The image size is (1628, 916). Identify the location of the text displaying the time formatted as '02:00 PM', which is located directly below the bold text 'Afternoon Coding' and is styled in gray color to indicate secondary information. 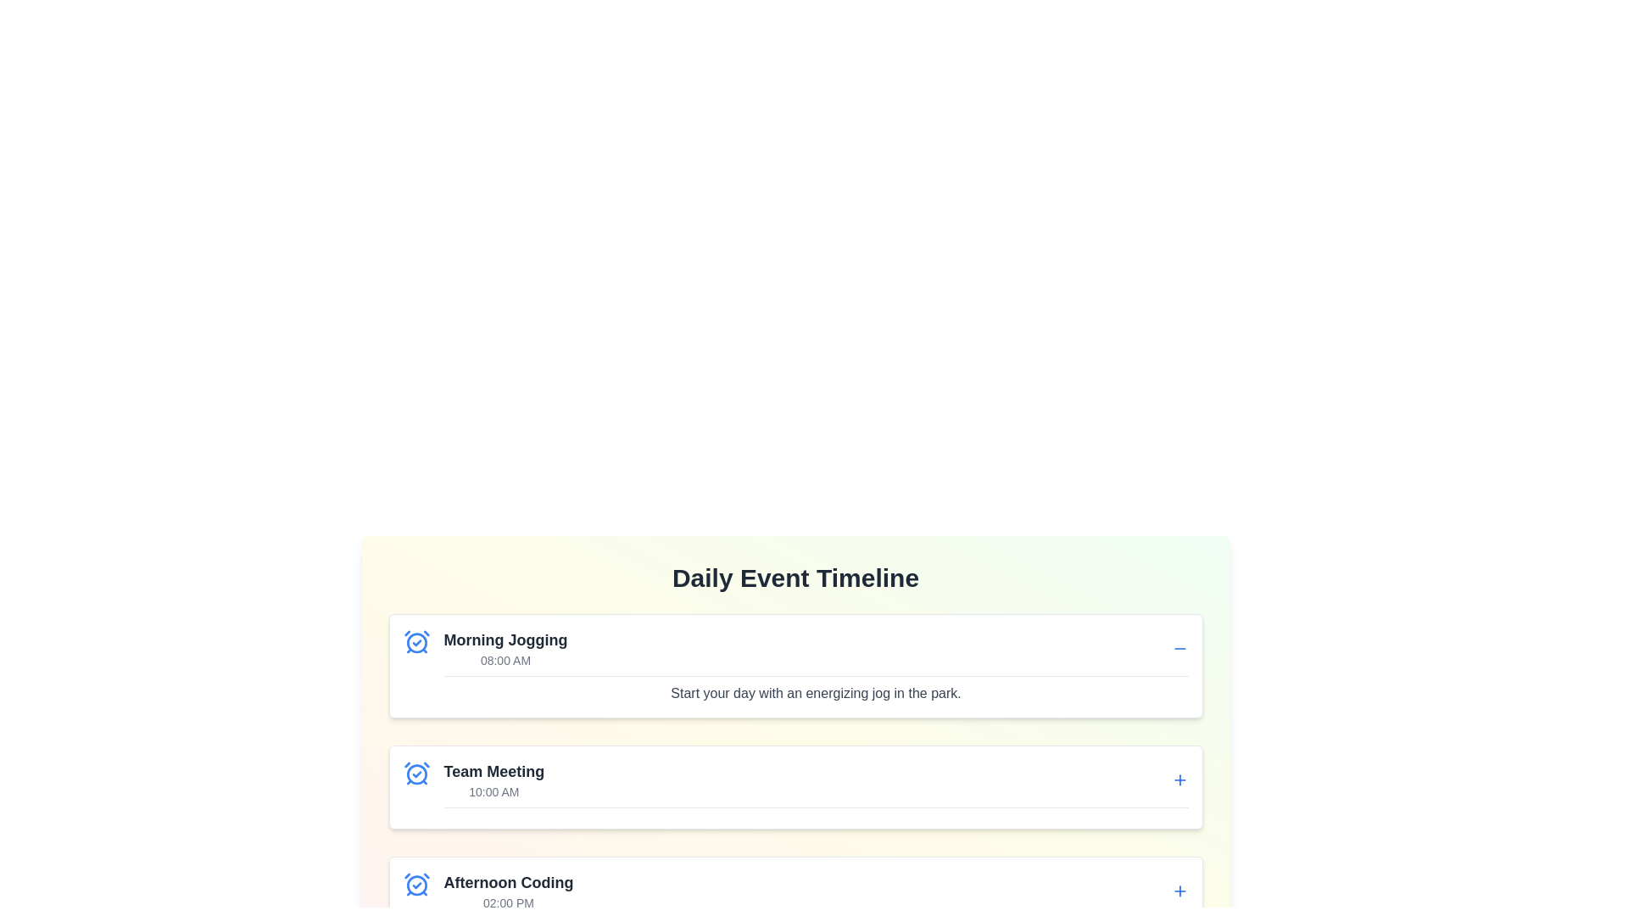
(508, 902).